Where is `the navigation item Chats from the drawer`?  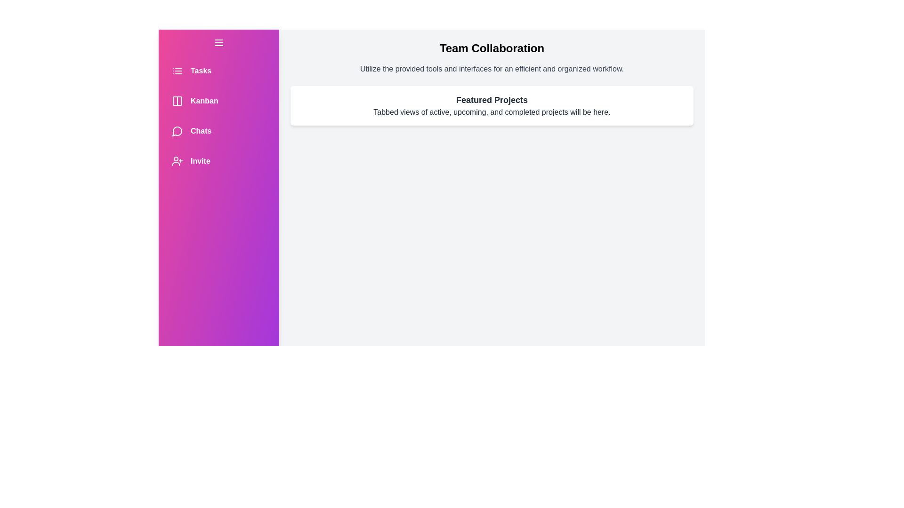
the navigation item Chats from the drawer is located at coordinates (218, 131).